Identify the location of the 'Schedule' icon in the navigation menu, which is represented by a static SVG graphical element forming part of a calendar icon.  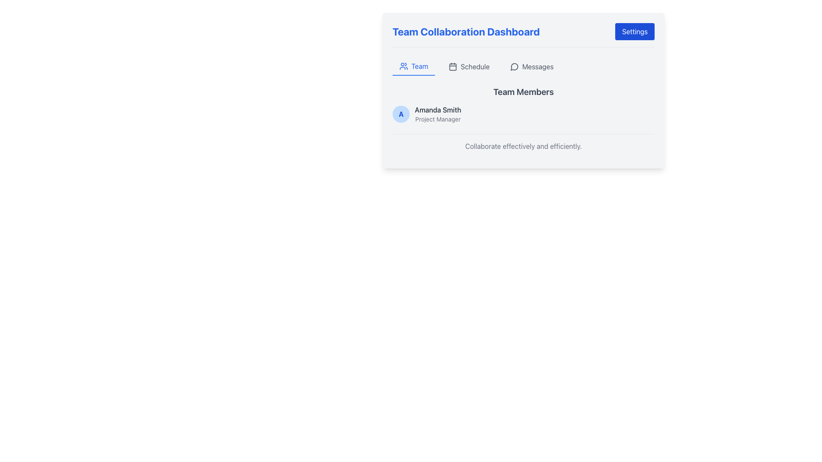
(453, 66).